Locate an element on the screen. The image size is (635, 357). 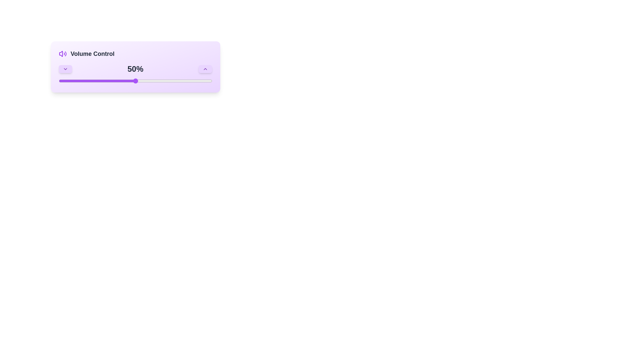
the volume slider is located at coordinates (128, 81).